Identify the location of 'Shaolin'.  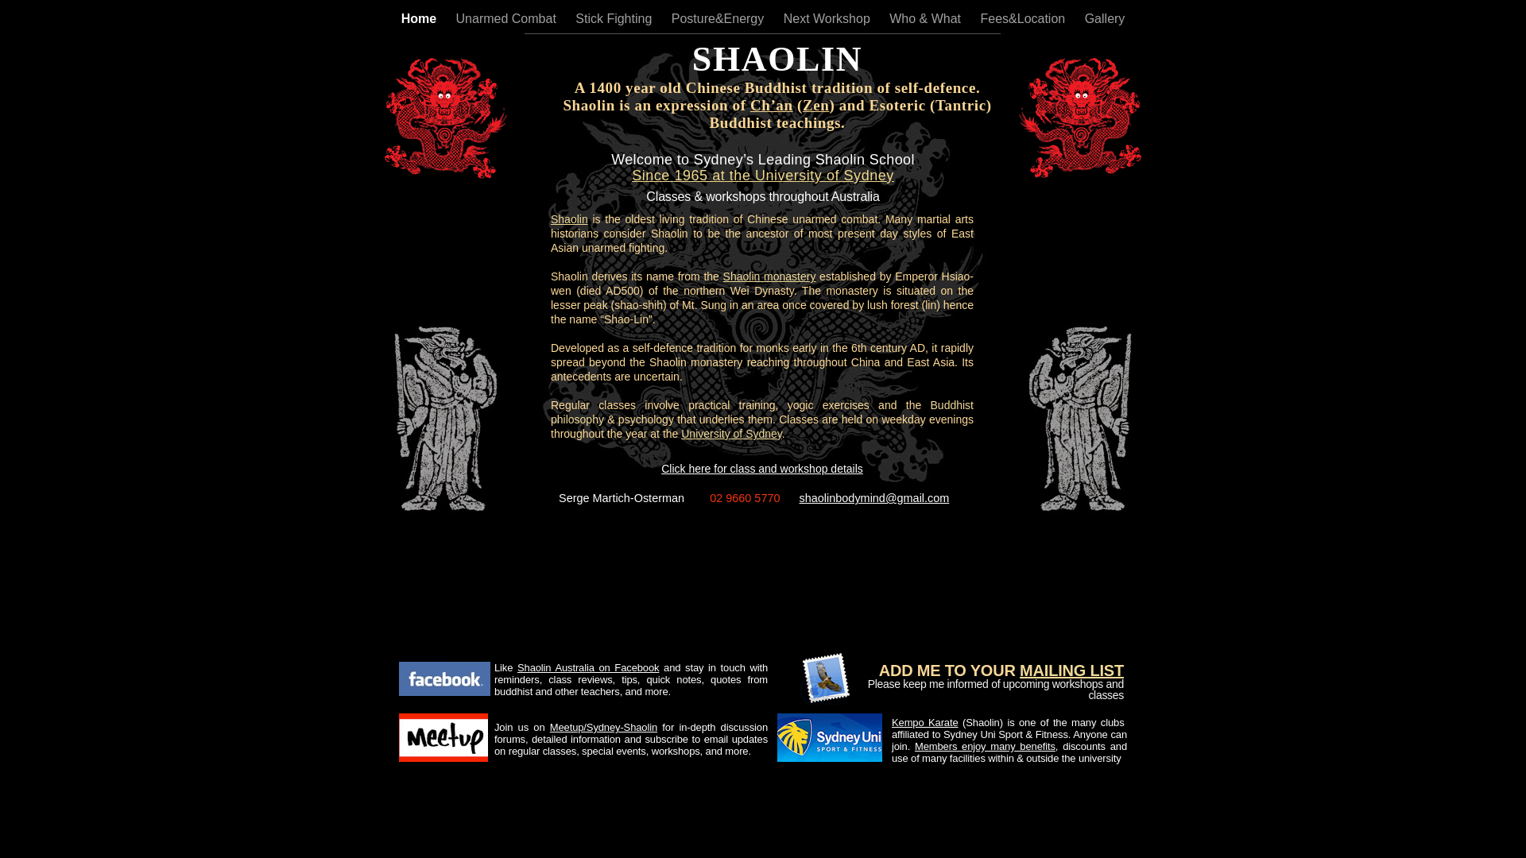
(569, 219).